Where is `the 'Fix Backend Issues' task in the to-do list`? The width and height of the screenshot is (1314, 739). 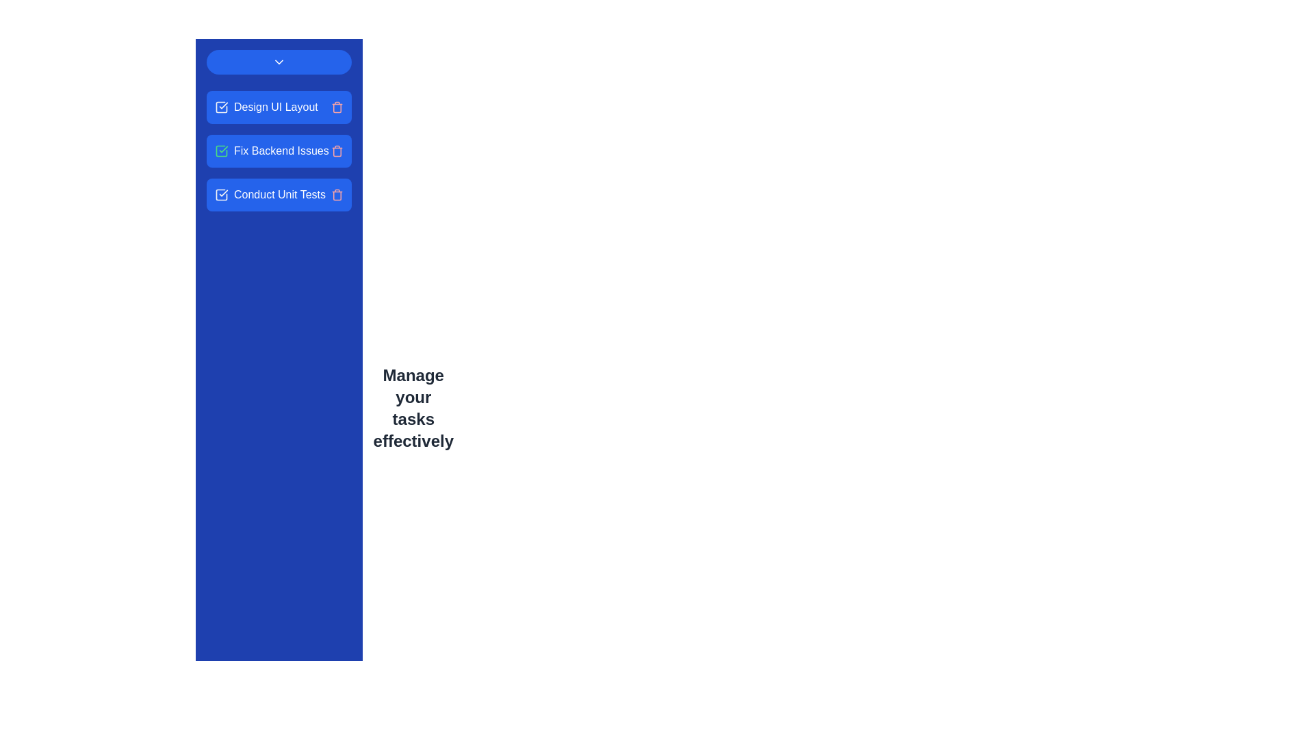
the 'Fix Backend Issues' task in the to-do list is located at coordinates (272, 151).